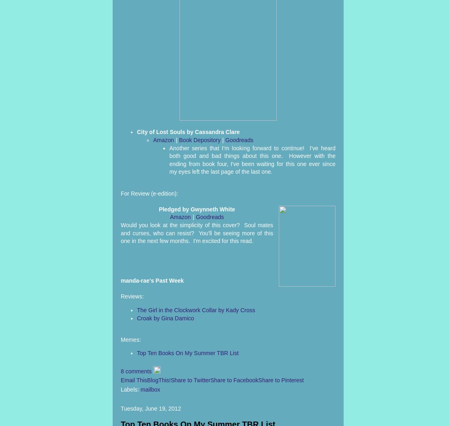 The image size is (449, 426). I want to click on 'Croak by Gina Damico', so click(137, 317).